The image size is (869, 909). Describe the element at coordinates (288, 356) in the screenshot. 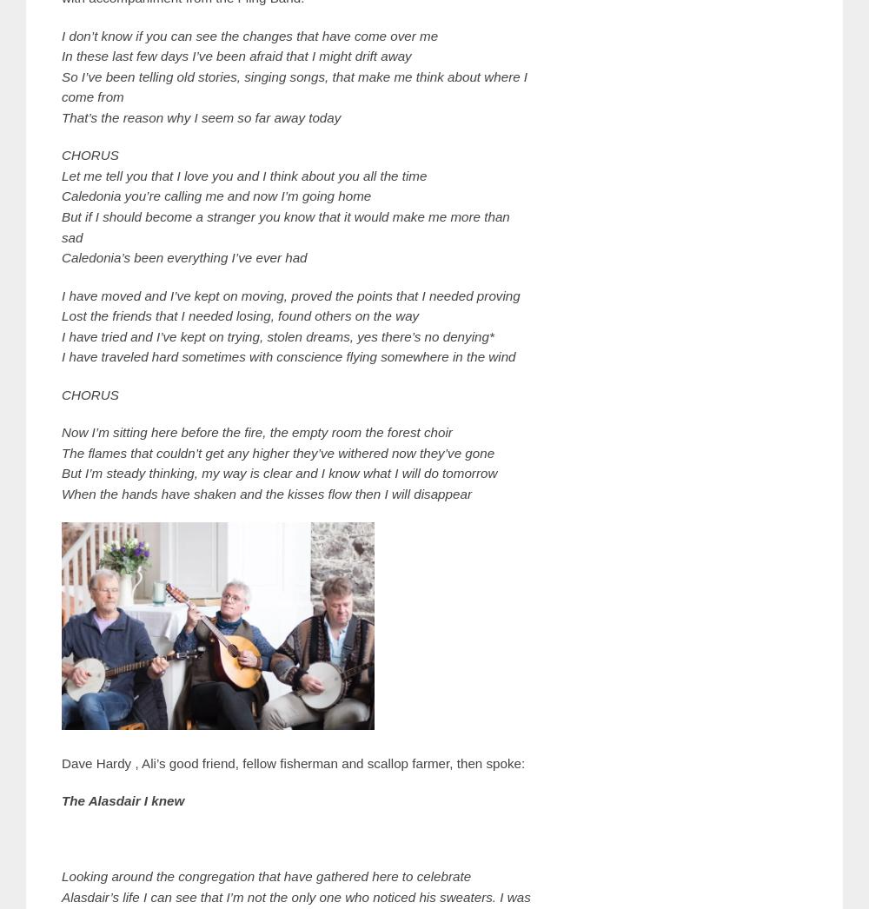

I see `'I have traveled hard sometimes with conscience flying somewhere in the wind'` at that location.